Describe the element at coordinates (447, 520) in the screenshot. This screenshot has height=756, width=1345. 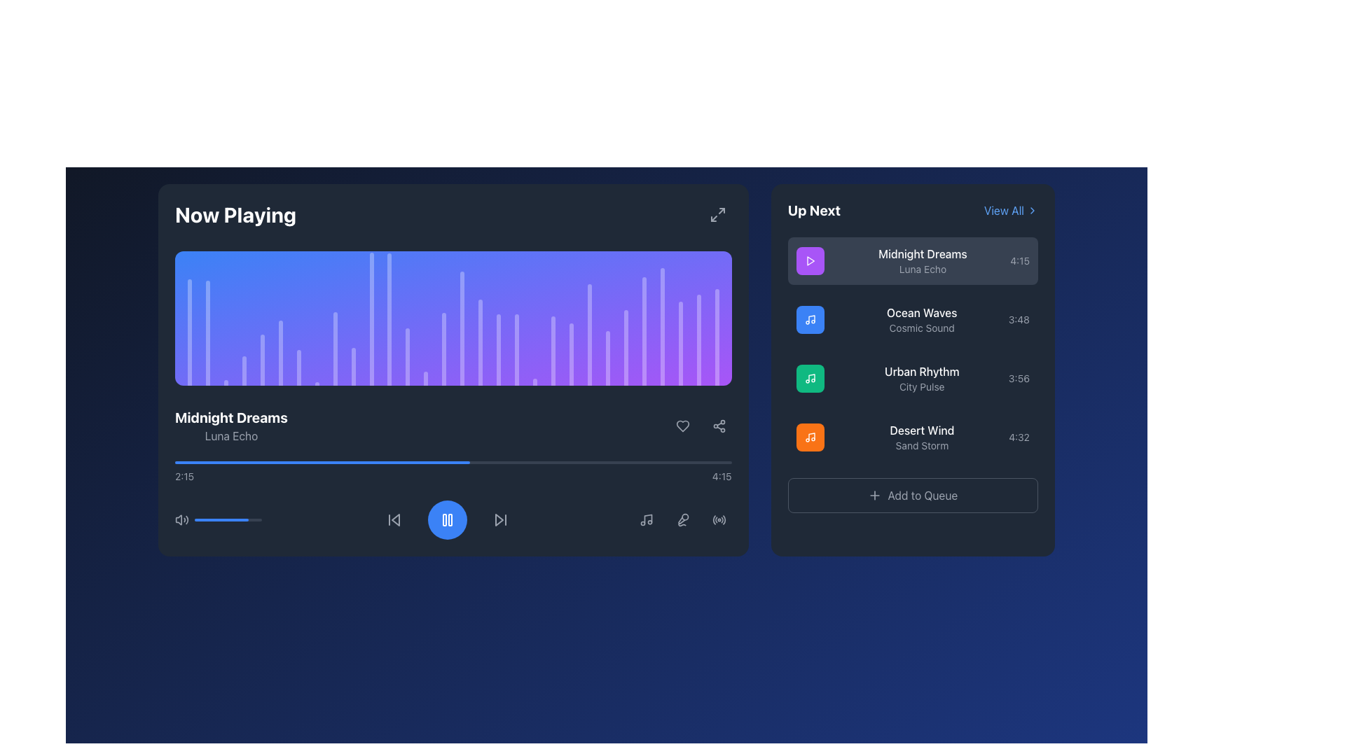
I see `the circular blue pause button with a white icon` at that location.